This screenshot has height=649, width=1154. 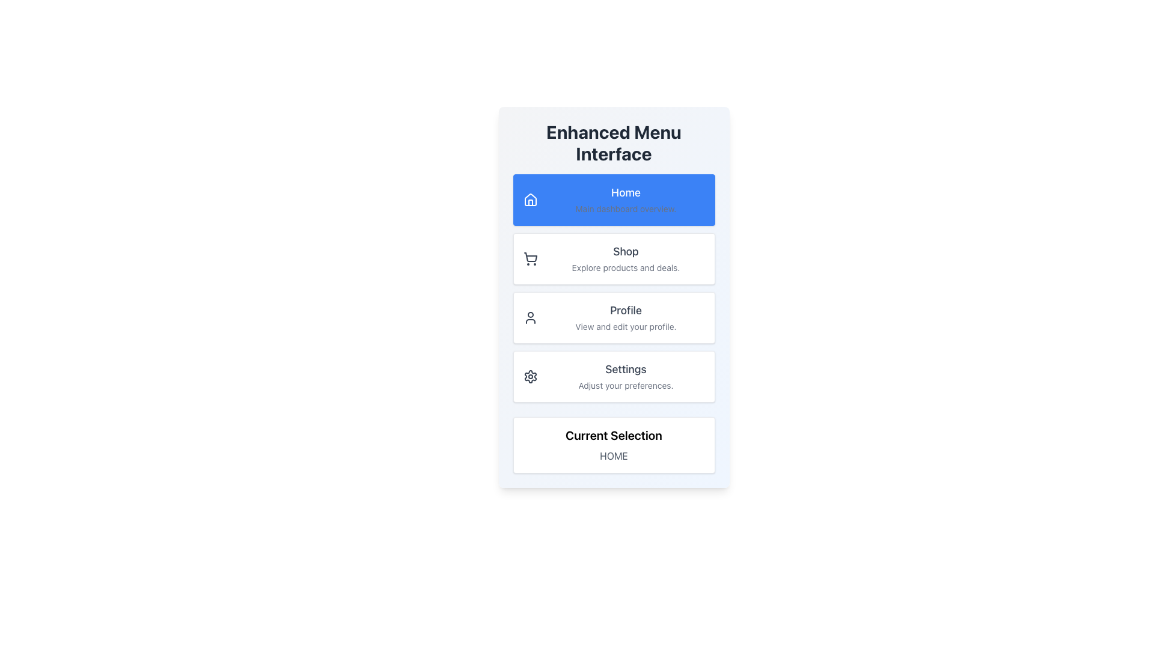 I want to click on text content of the 'HOME' text component displayed in dark gray below the 'Current Selection' title, so click(x=614, y=456).